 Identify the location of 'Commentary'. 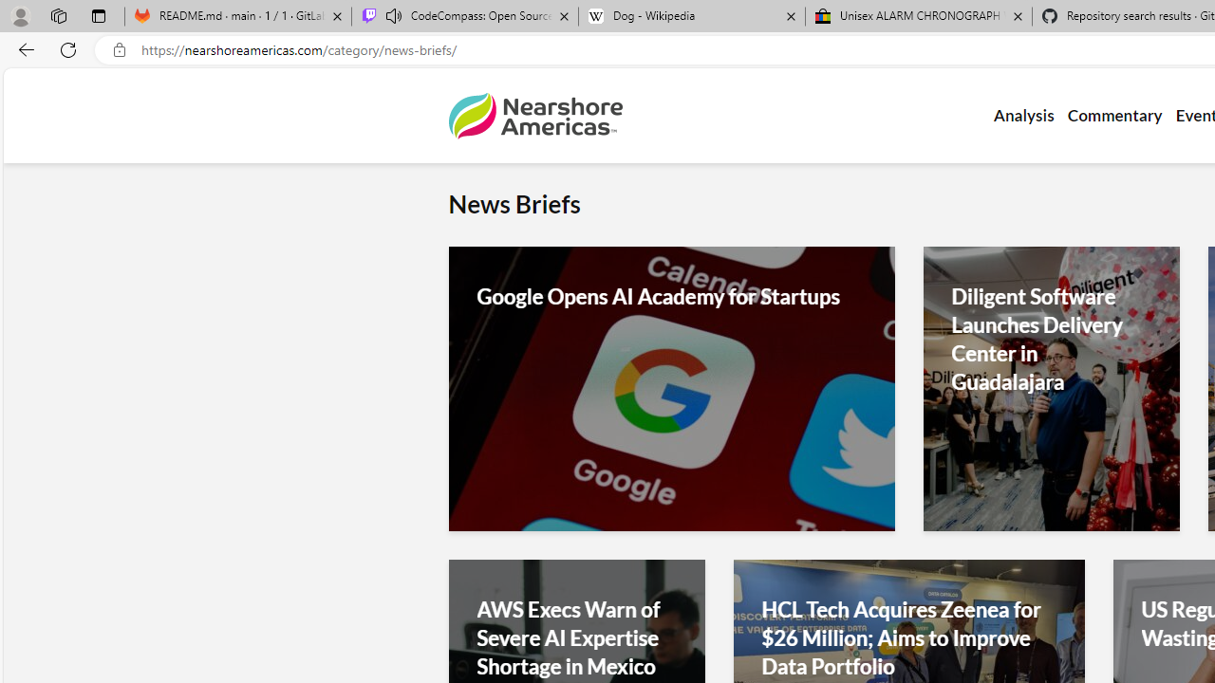
(1114, 116).